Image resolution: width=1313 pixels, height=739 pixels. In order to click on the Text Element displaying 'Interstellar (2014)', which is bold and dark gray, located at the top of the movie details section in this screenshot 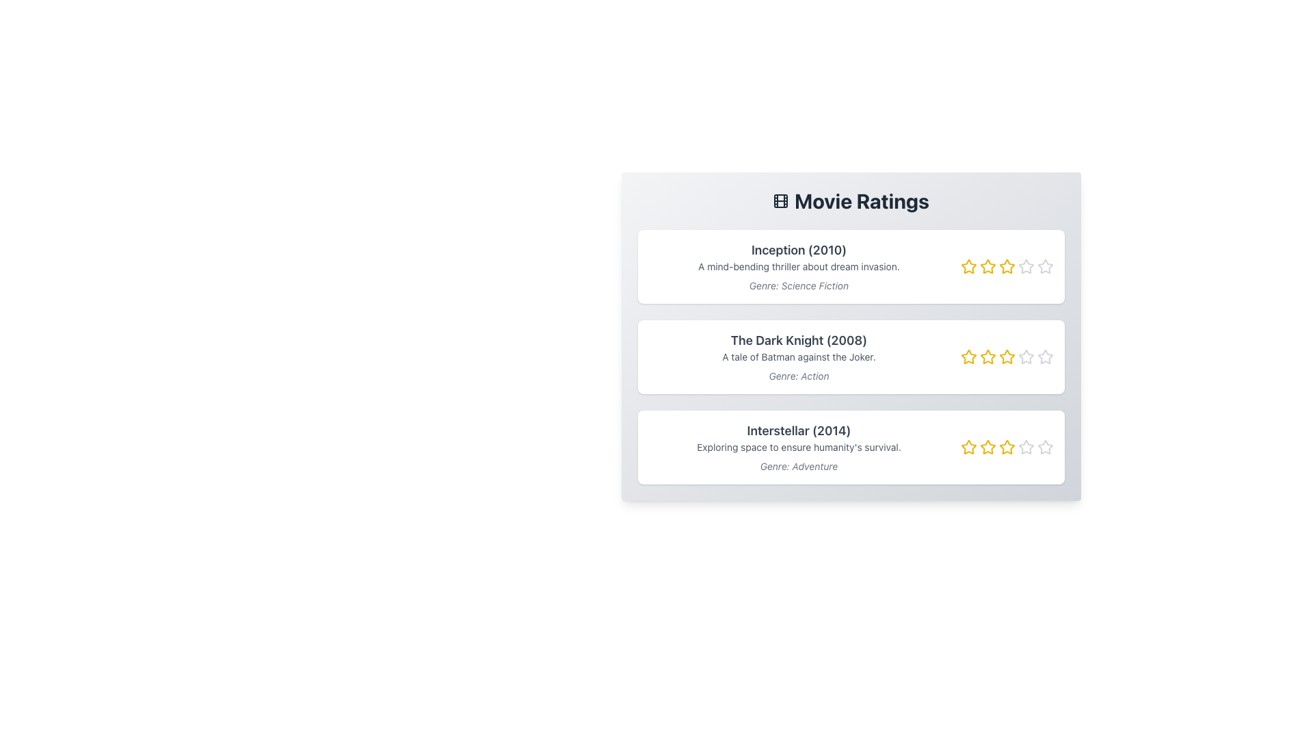, I will do `click(799, 430)`.